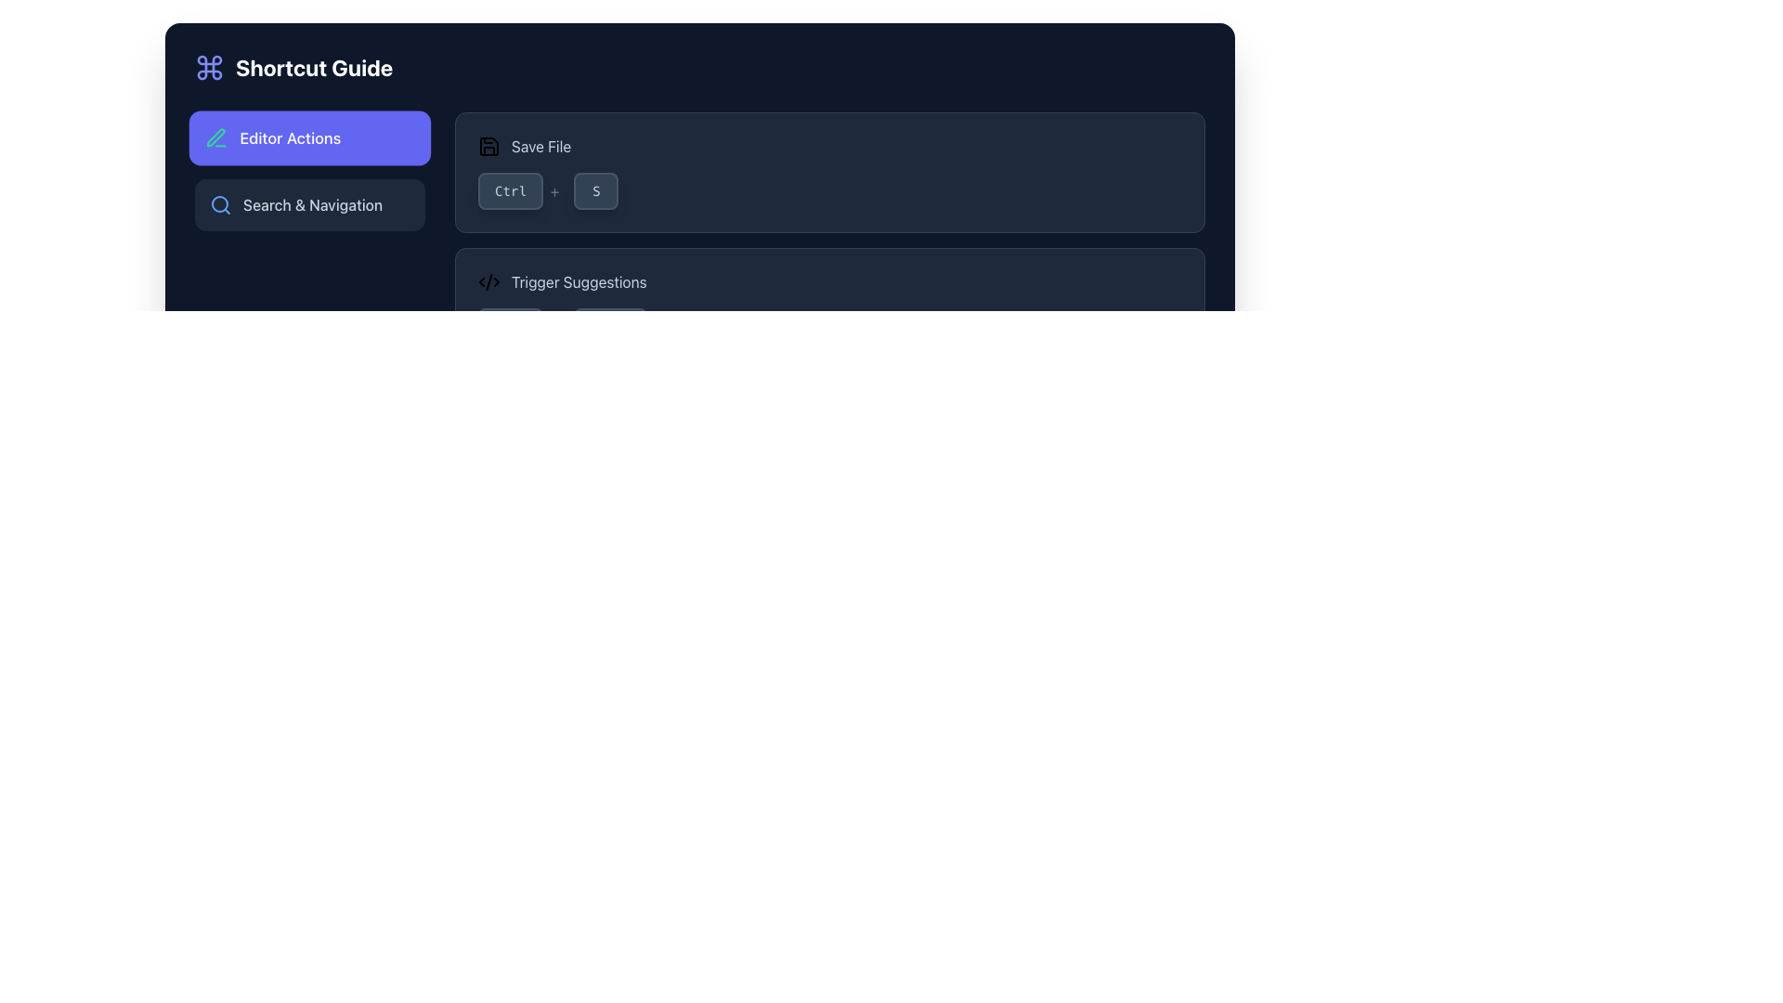 The image size is (1783, 1003). What do you see at coordinates (521, 190) in the screenshot?
I see `the 'Ctrl' key representation in the keyboard shortcut display located in the 'Save File' section at the top-right area of the interface` at bounding box center [521, 190].